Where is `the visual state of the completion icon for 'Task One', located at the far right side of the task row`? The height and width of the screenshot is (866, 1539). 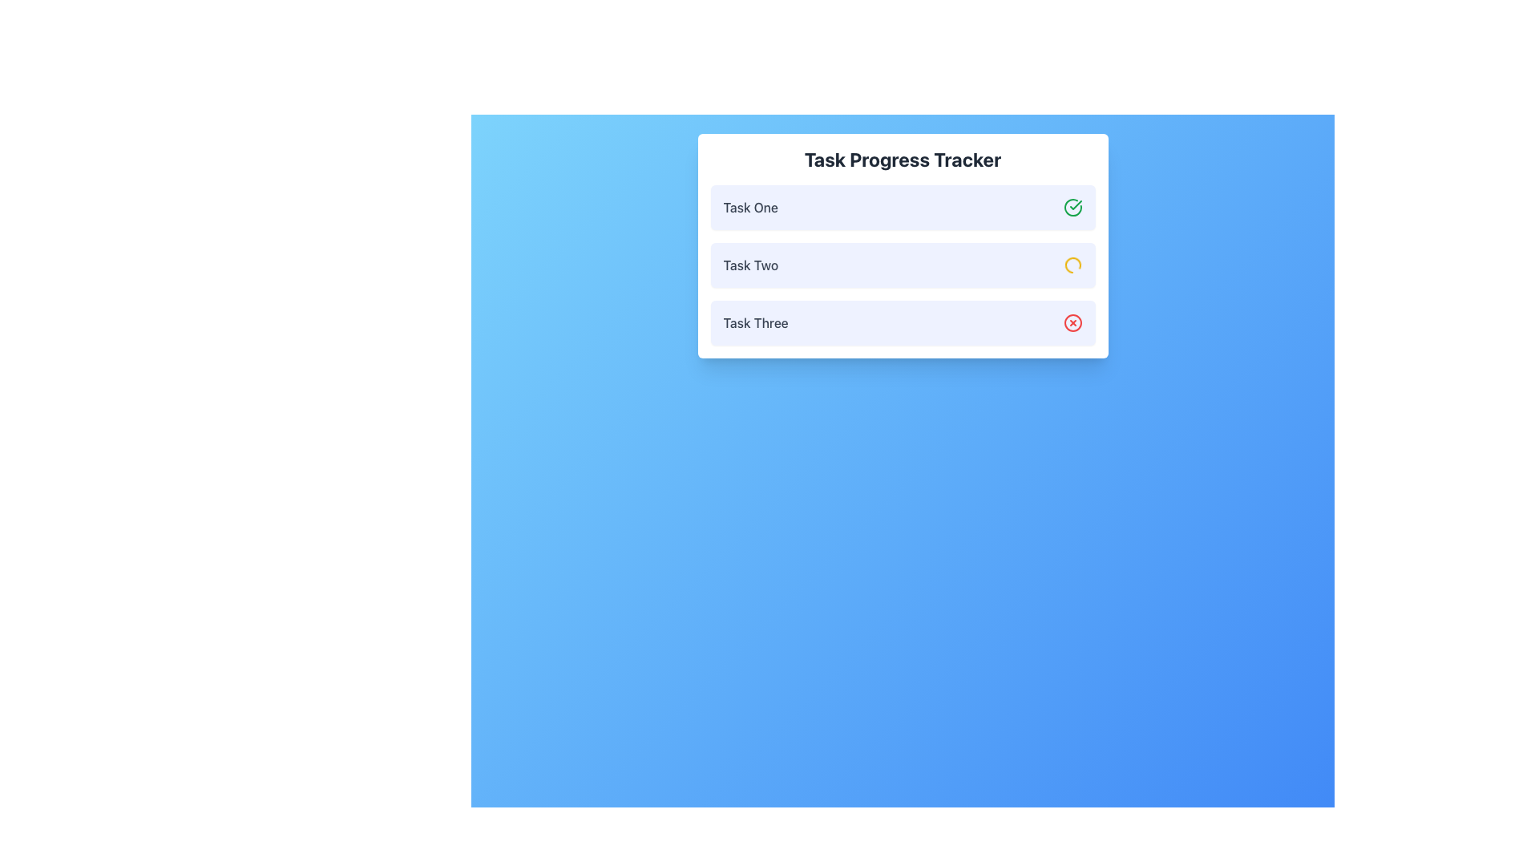 the visual state of the completion icon for 'Task One', located at the far right side of the task row is located at coordinates (1072, 206).